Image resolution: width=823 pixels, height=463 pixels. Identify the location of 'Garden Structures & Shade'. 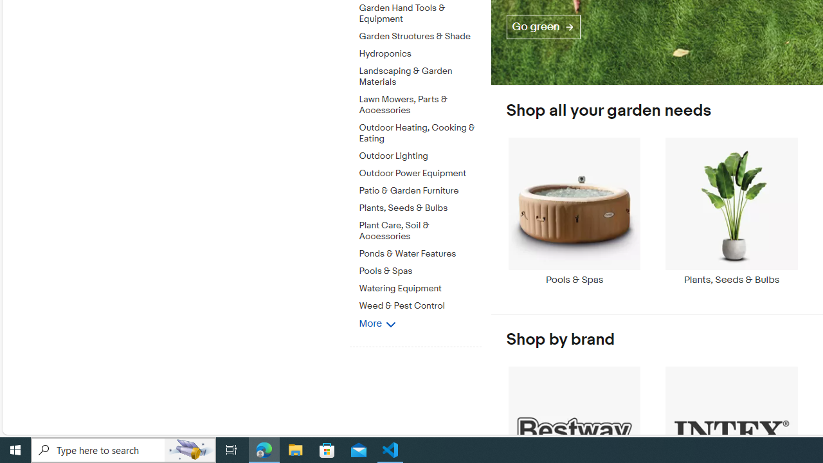
(420, 36).